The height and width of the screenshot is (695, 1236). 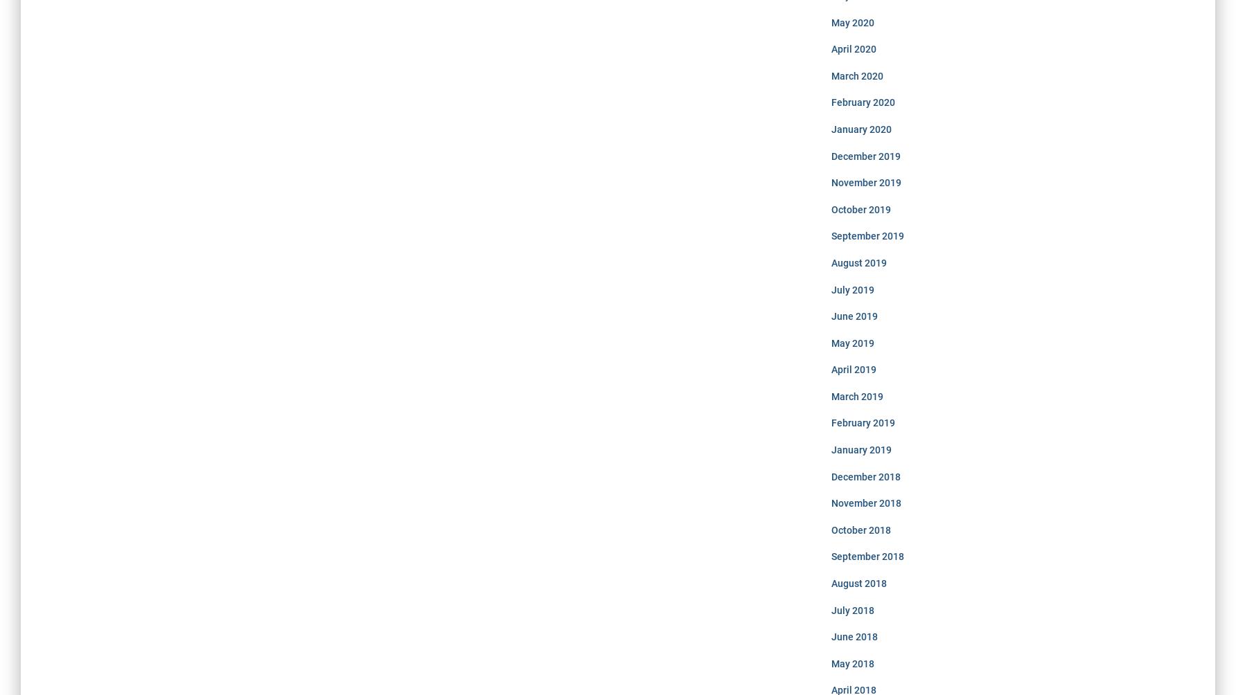 What do you see at coordinates (831, 209) in the screenshot?
I see `'October 2019'` at bounding box center [831, 209].